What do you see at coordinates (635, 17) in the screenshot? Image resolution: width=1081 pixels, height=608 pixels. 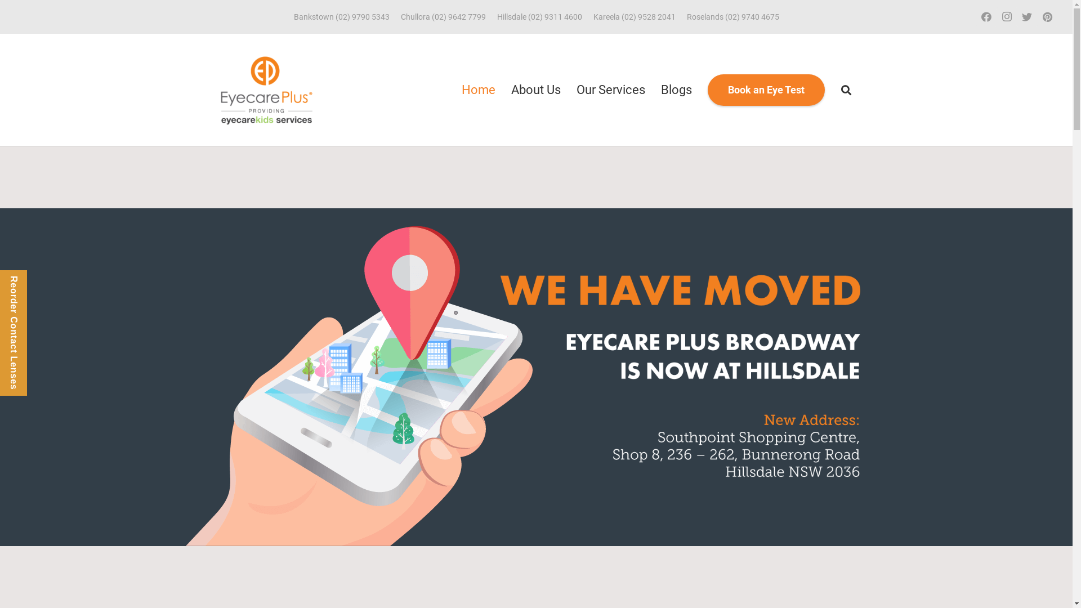 I see `'Kareela (02) 9528 2041'` at bounding box center [635, 17].